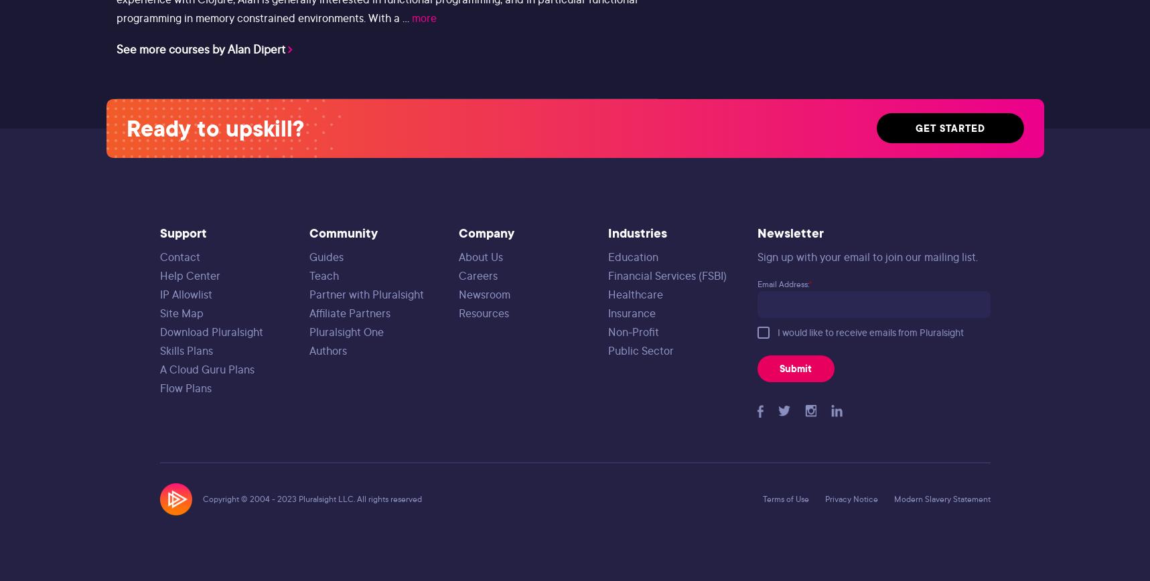 The image size is (1150, 581). I want to click on 'Copyright © 2004 - 2023 Pluralsight LLC. All rights reserved', so click(311, 498).